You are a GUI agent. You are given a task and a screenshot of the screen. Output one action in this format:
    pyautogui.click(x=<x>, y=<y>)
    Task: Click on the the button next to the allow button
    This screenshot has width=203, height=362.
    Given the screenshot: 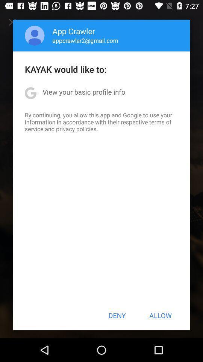 What is the action you would take?
    pyautogui.click(x=117, y=315)
    